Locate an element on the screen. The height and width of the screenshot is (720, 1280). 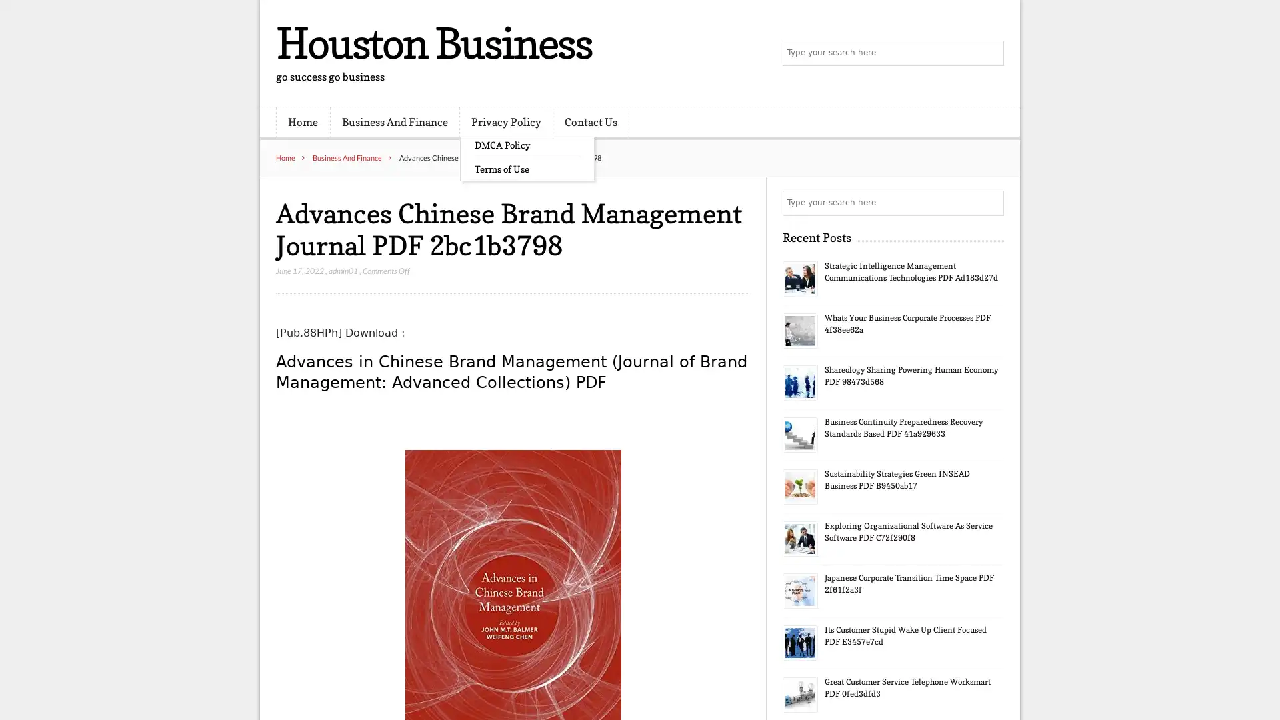
Search is located at coordinates (990, 53).